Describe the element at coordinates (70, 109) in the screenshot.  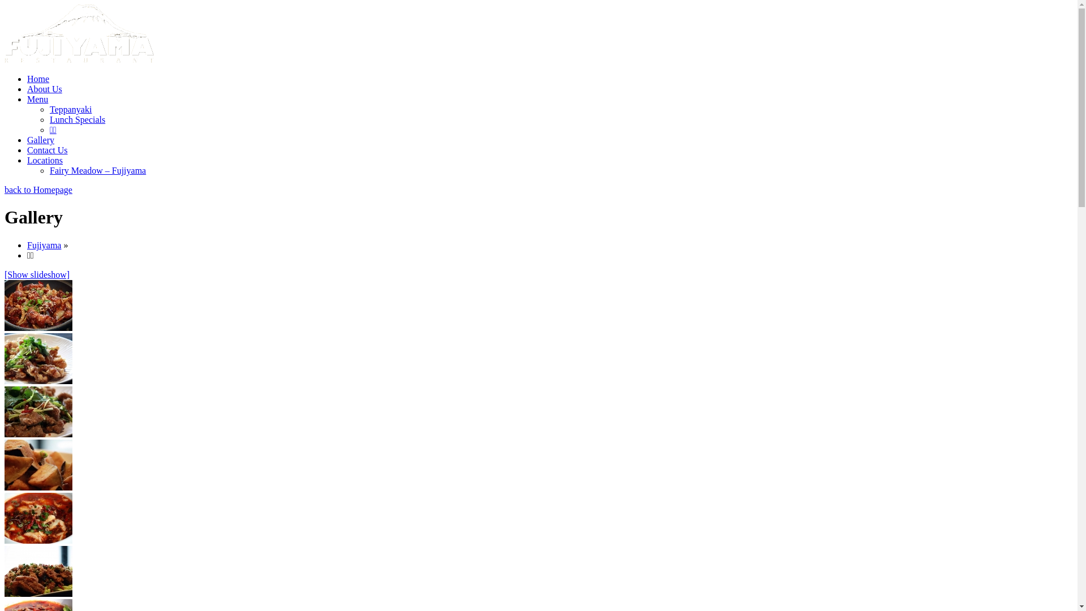
I see `'Teppanyaki'` at that location.